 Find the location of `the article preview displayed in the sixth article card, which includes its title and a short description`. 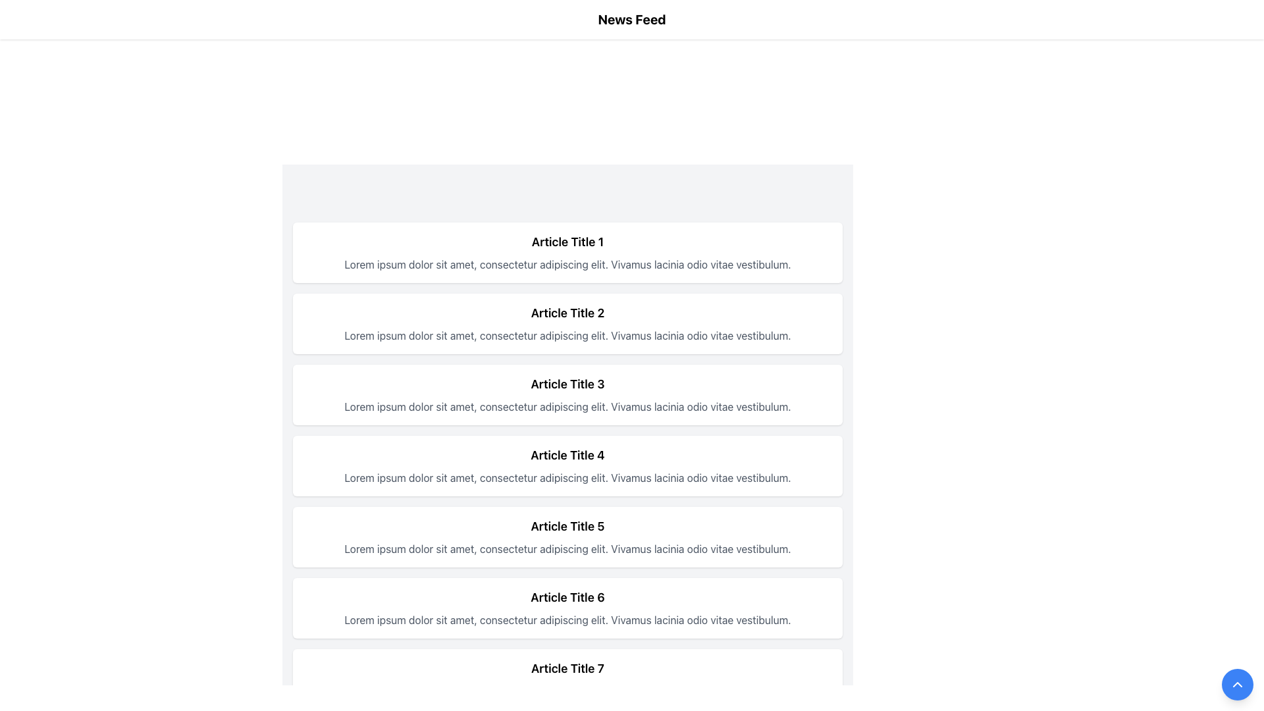

the article preview displayed in the sixth article card, which includes its title and a short description is located at coordinates (567, 608).